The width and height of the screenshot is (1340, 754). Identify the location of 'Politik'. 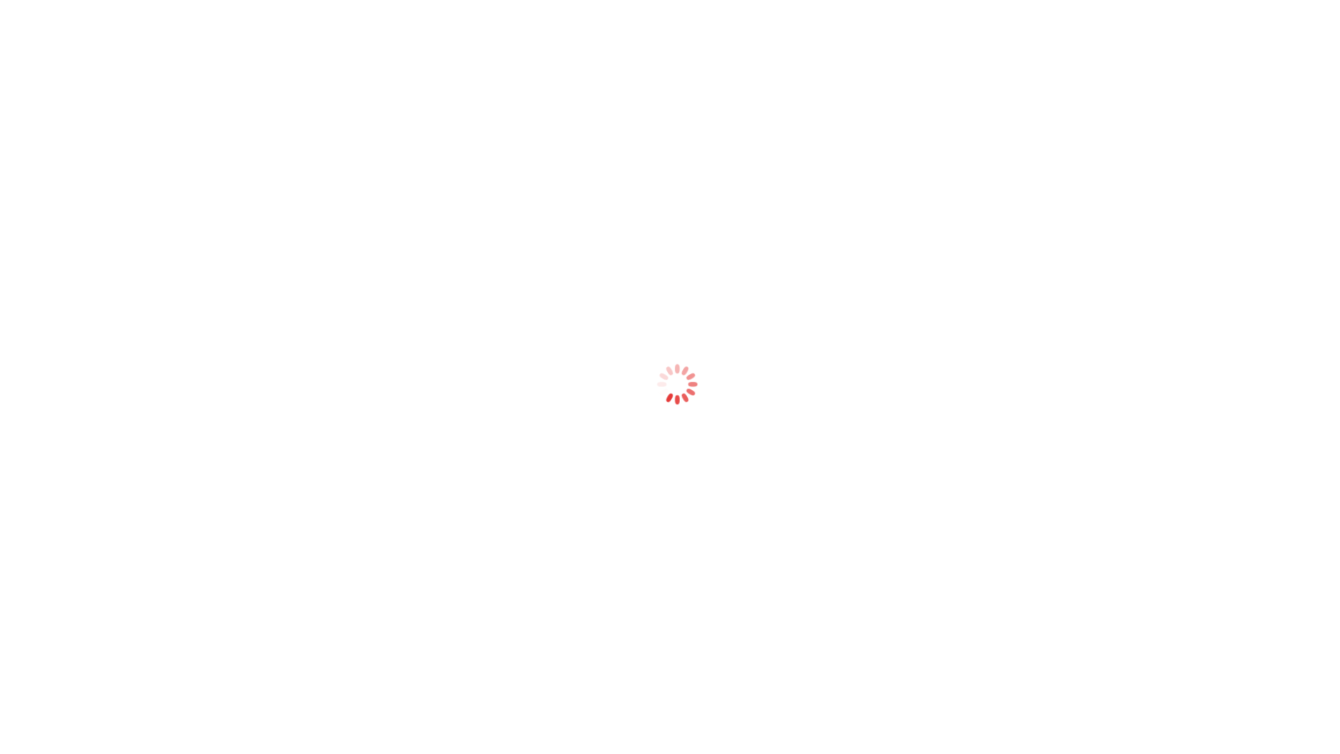
(456, 61).